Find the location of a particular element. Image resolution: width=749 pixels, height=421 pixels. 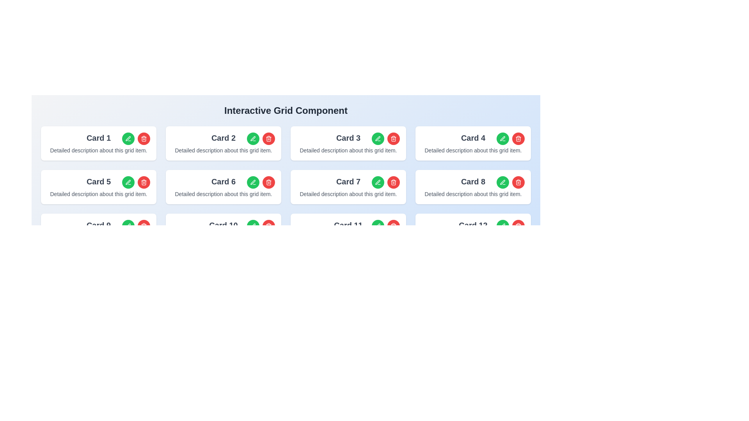

the edit button located in the top-right section of 'Card 2' is located at coordinates (253, 138).